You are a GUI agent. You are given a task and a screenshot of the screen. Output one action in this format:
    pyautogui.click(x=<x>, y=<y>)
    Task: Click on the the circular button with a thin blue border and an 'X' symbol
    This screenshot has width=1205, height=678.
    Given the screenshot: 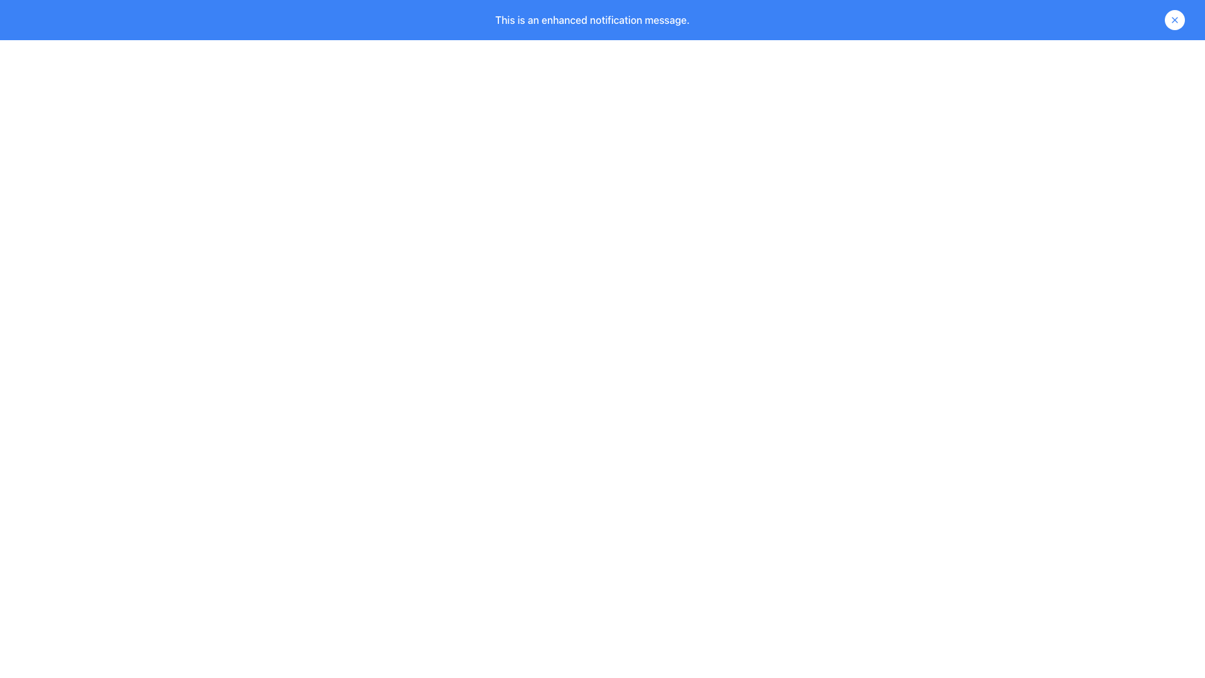 What is the action you would take?
    pyautogui.click(x=1174, y=19)
    